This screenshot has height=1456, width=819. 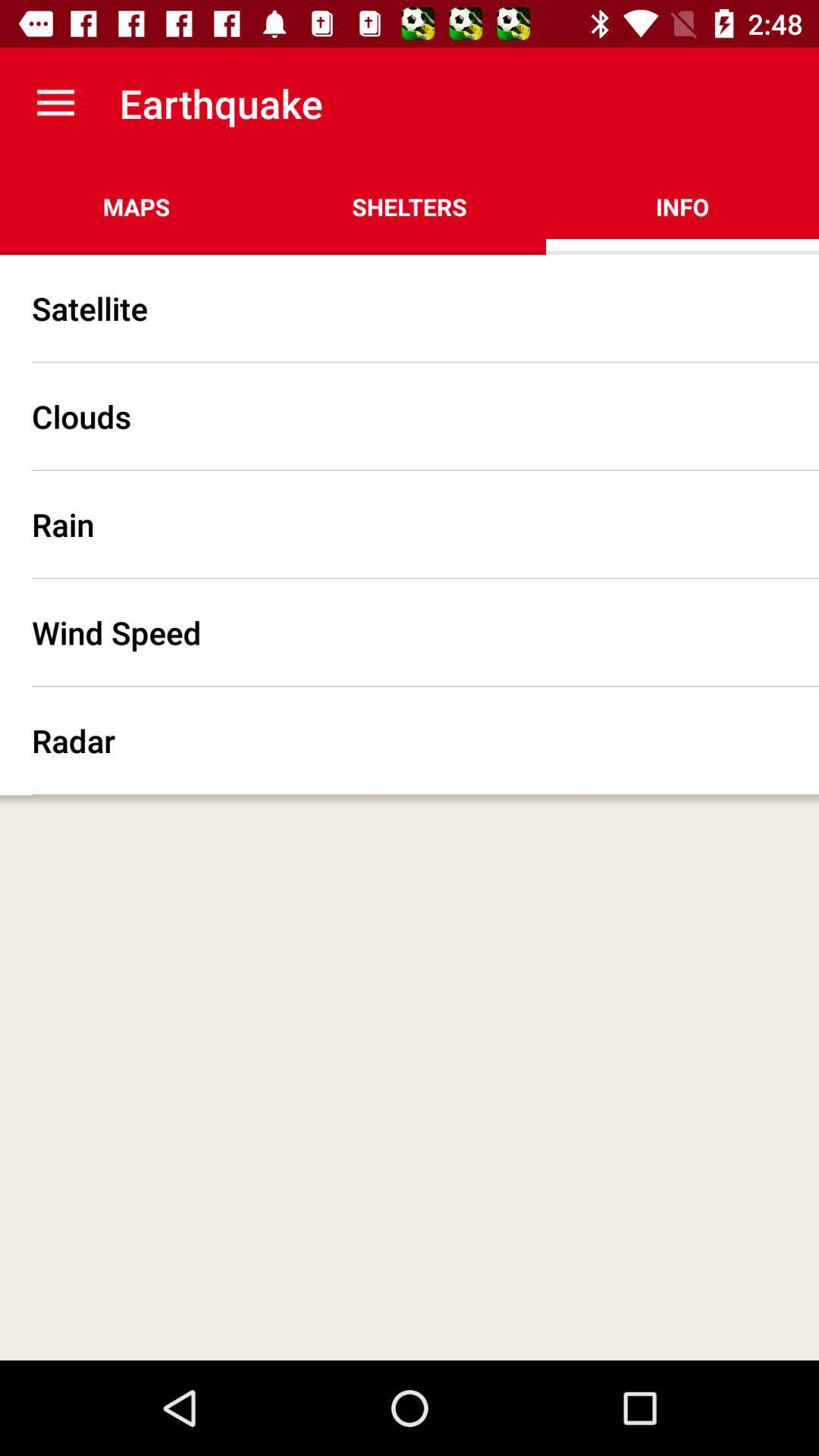 I want to click on the info at the top right corner, so click(x=681, y=206).